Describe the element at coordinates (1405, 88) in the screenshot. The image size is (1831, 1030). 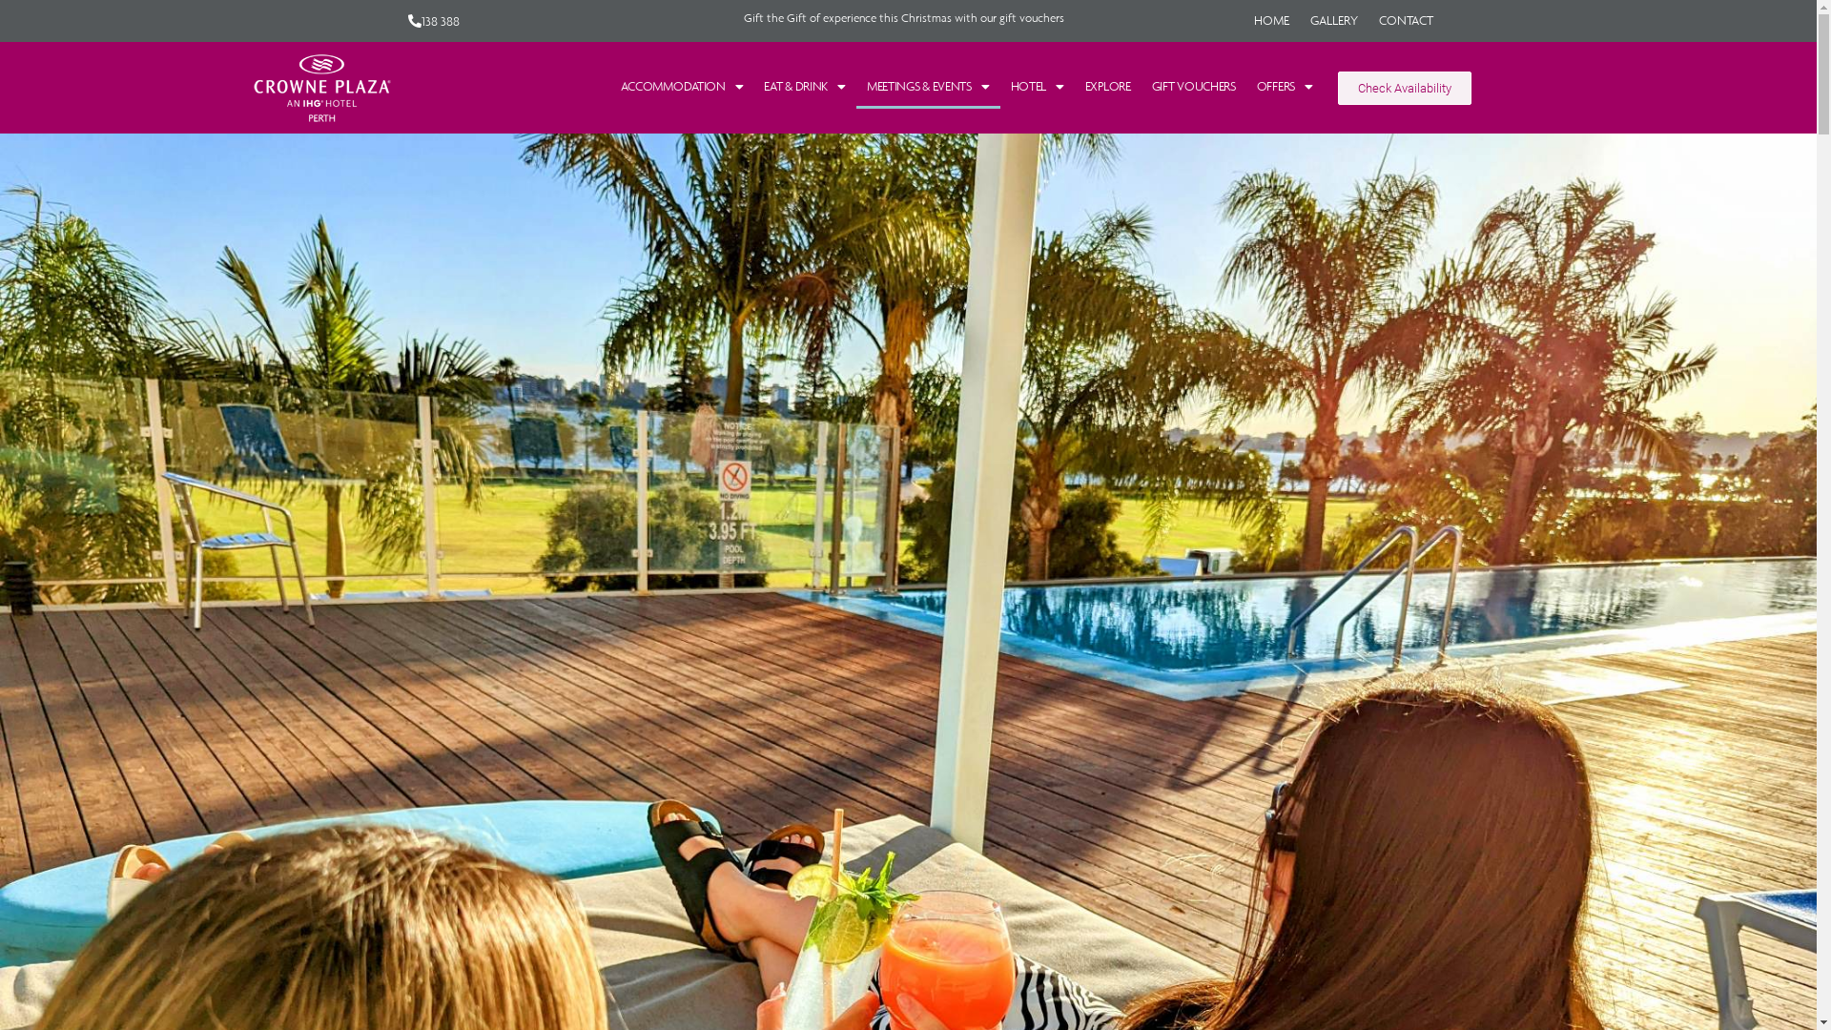
I see `'Check Availability'` at that location.